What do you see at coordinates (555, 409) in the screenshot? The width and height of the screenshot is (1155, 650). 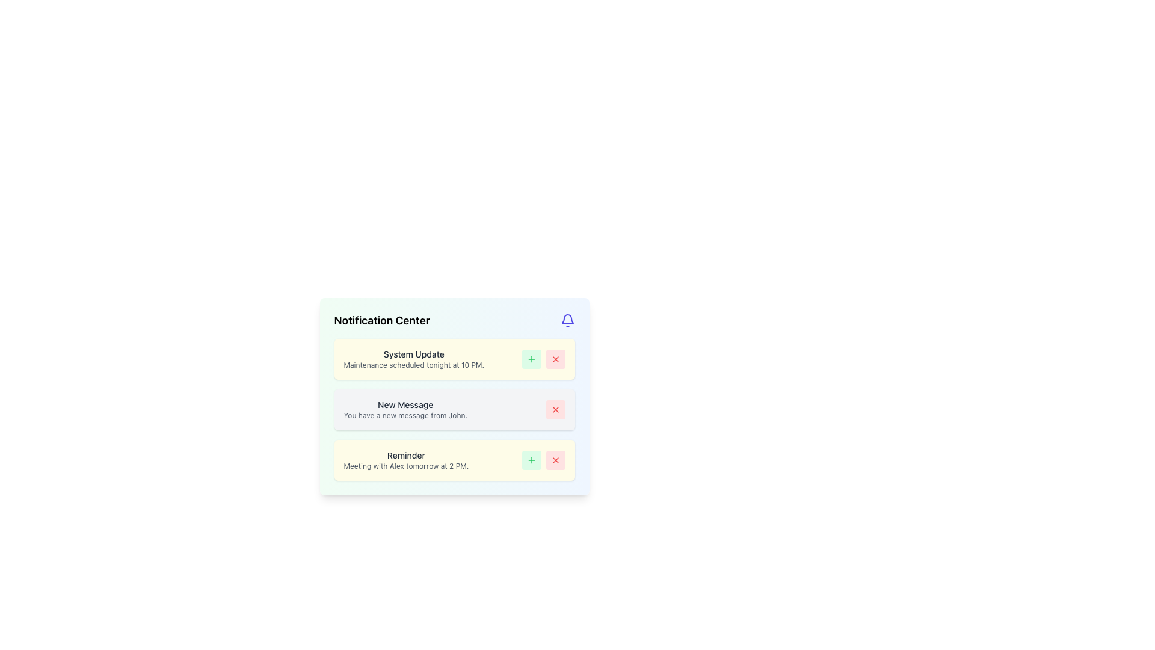 I see `the red 'X' button with a rounded square shape located in the bottom-right corner of the 'New Message' box in the notification panel` at bounding box center [555, 409].